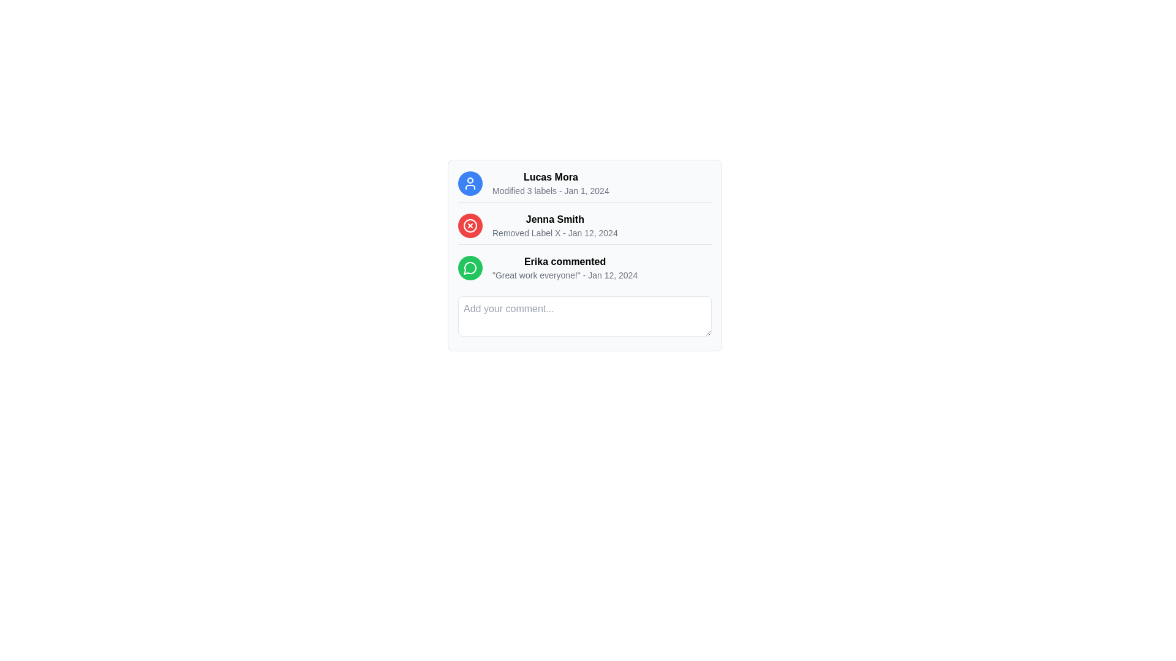  I want to click on the non-interactive Text Display that indicates 'Removed Label X' associated with the date 'Jan 12, 2024', located below 'Jenna Smith', so click(554, 233).